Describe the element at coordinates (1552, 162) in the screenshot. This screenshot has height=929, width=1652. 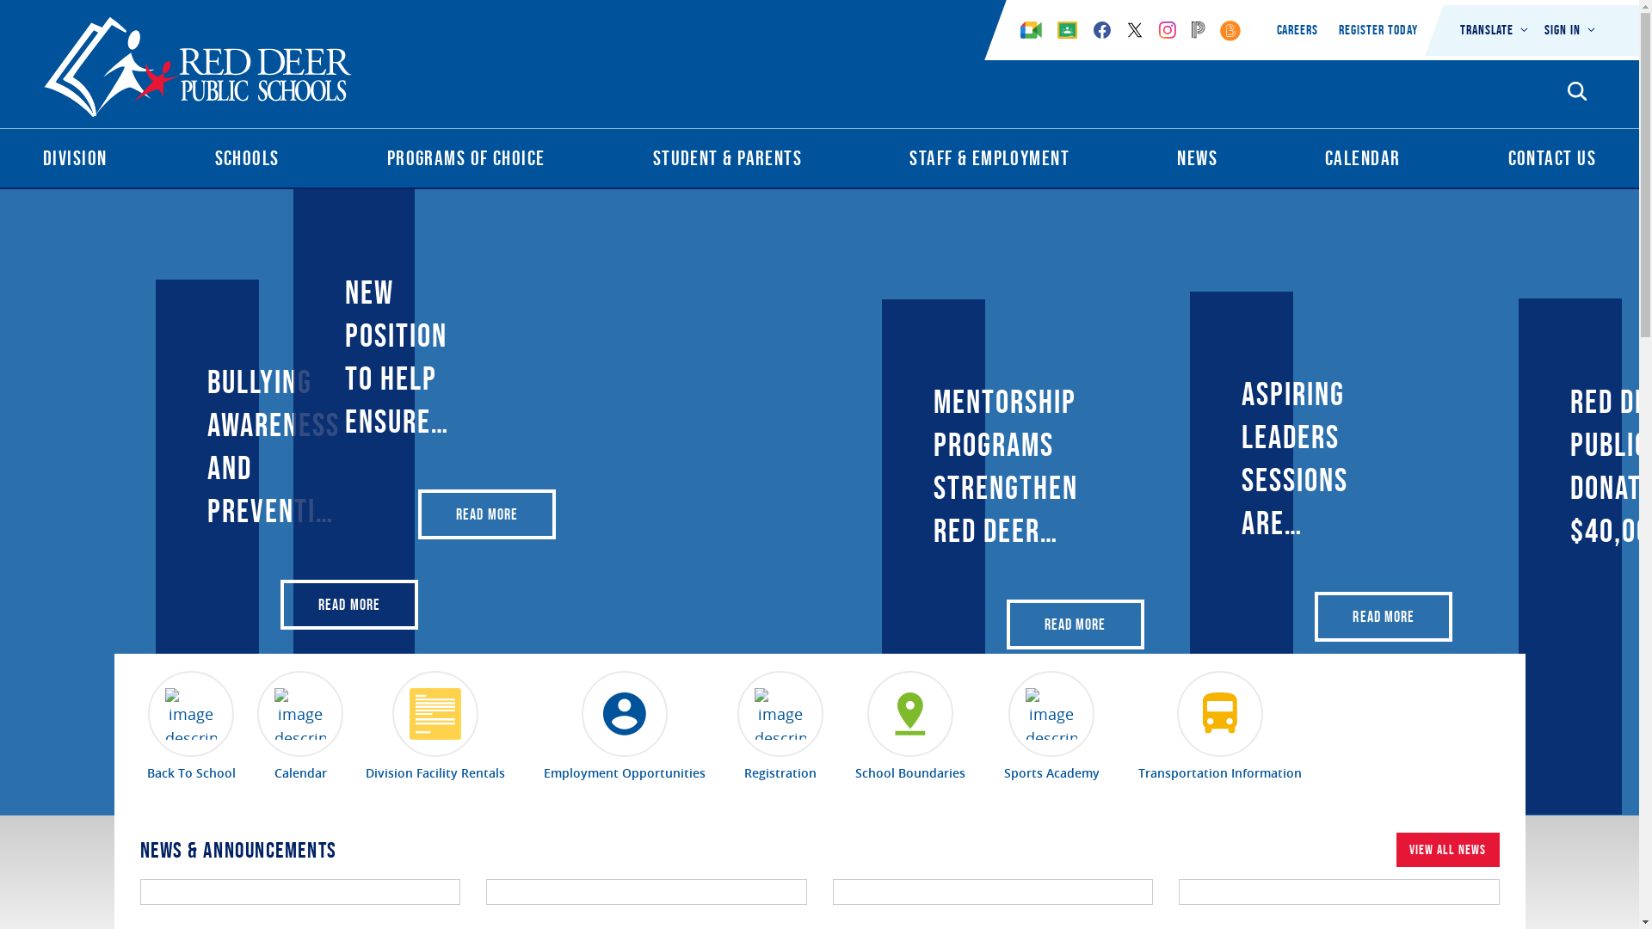
I see `'Contact Us'` at that location.